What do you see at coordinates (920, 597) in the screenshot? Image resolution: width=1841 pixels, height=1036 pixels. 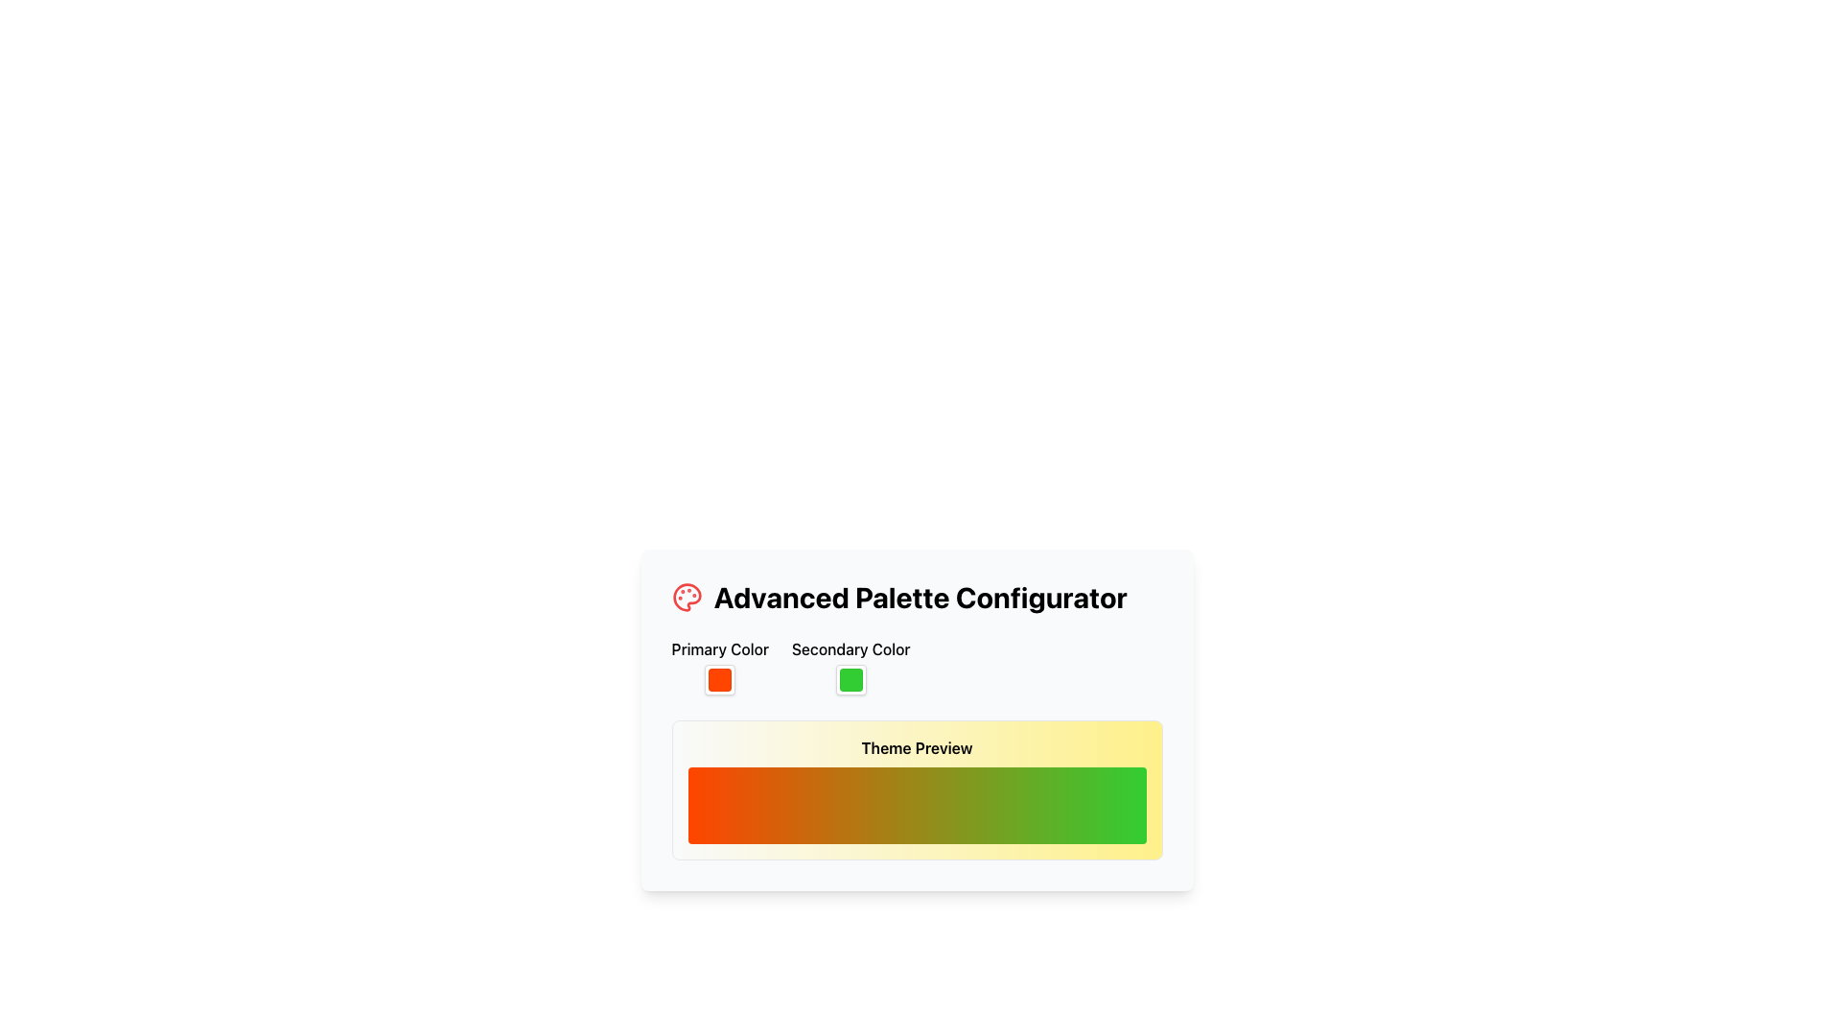 I see `the static text header displaying 'Advanced Palette Configurator' by moving the cursor to its center and clicking` at bounding box center [920, 597].